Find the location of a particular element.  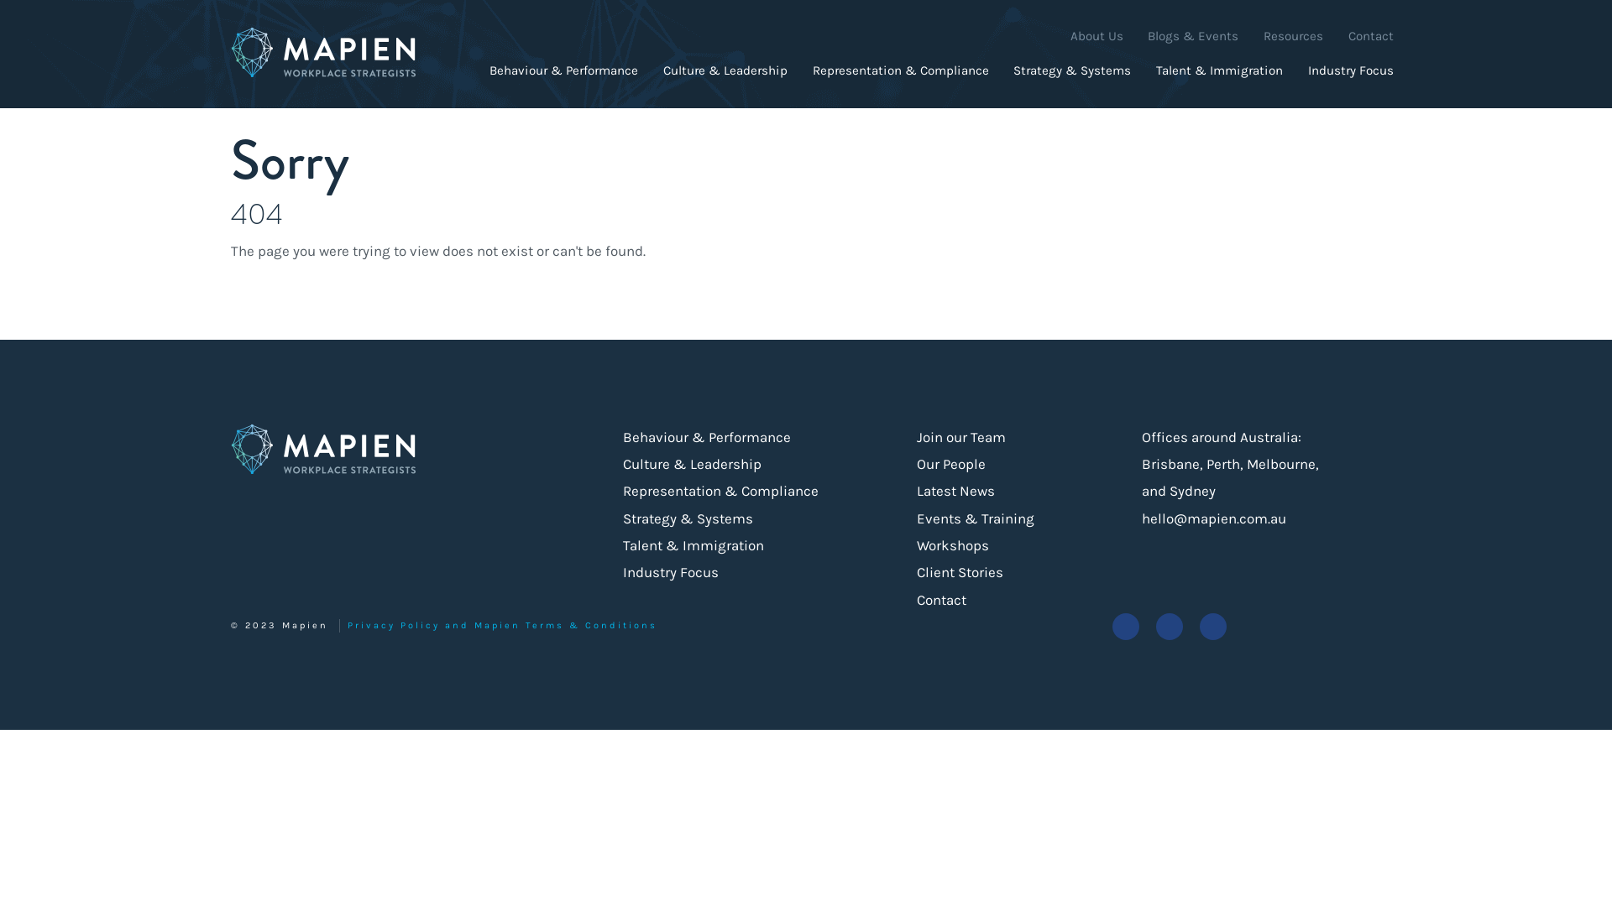

'Industry Focus' is located at coordinates (669, 571).